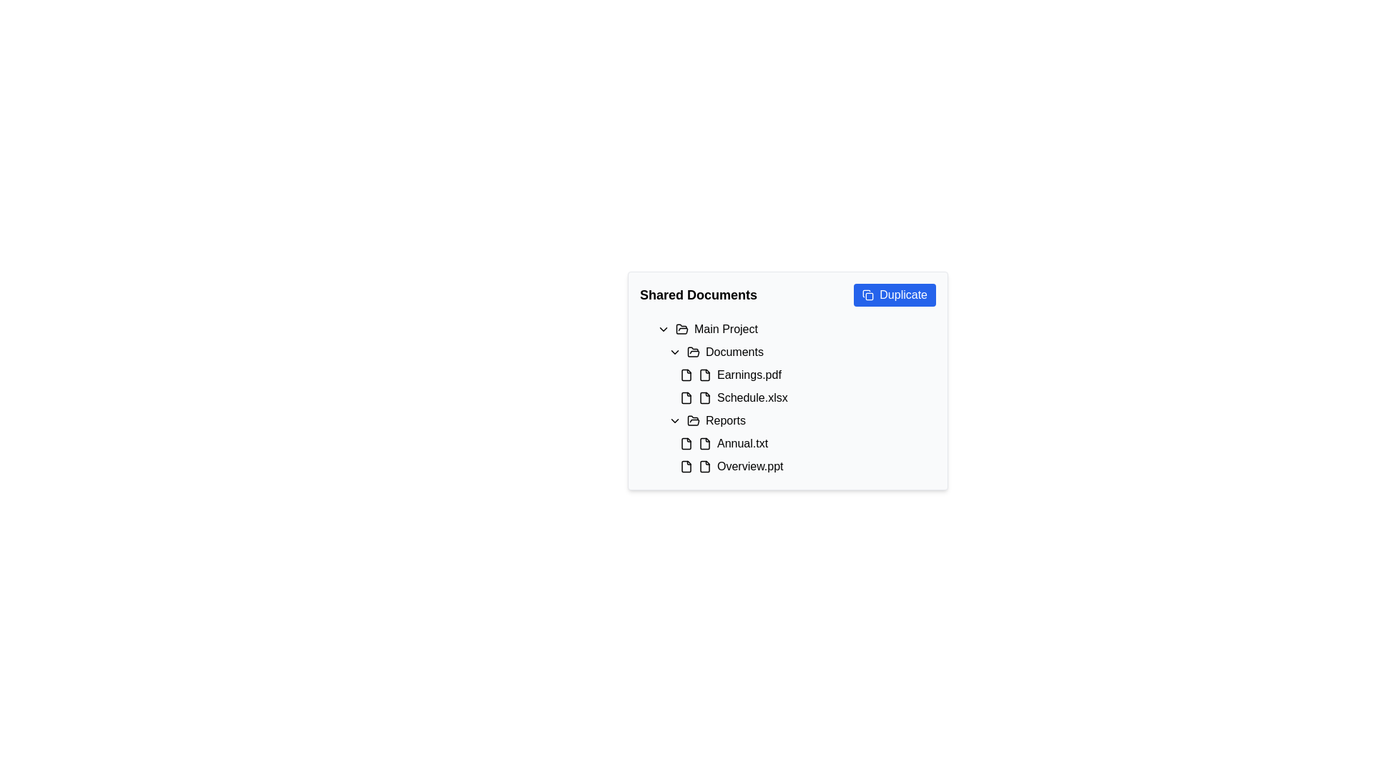 The image size is (1373, 772). I want to click on the folder icon representing the 'Documents' directory located under 'Main Project' in the 'Shared Documents' navigation panel, so click(693, 352).